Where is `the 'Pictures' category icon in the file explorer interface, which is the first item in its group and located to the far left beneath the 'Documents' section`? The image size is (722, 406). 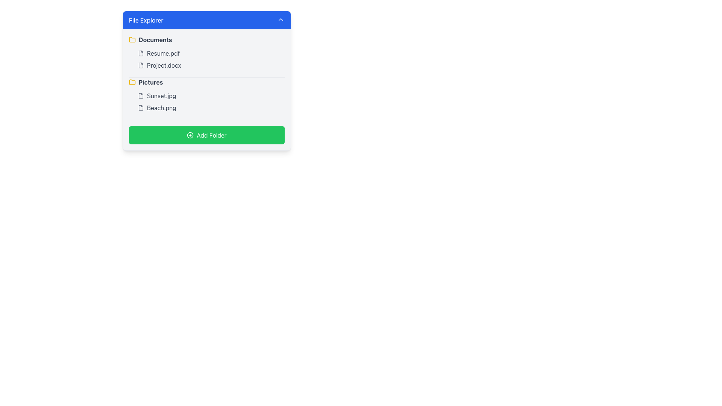
the 'Pictures' category icon in the file explorer interface, which is the first item in its group and located to the far left beneath the 'Documents' section is located at coordinates (132, 82).